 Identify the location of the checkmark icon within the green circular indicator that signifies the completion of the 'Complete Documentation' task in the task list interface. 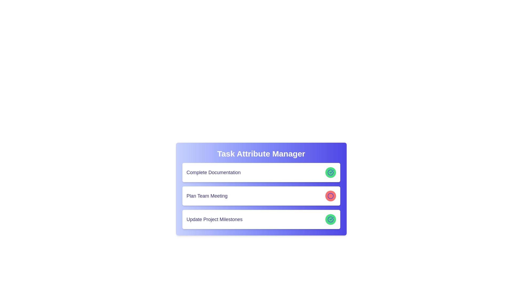
(331, 219).